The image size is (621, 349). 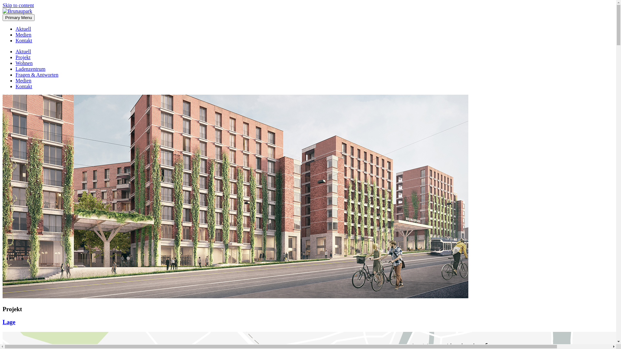 What do you see at coordinates (23, 35) in the screenshot?
I see `'Medien'` at bounding box center [23, 35].